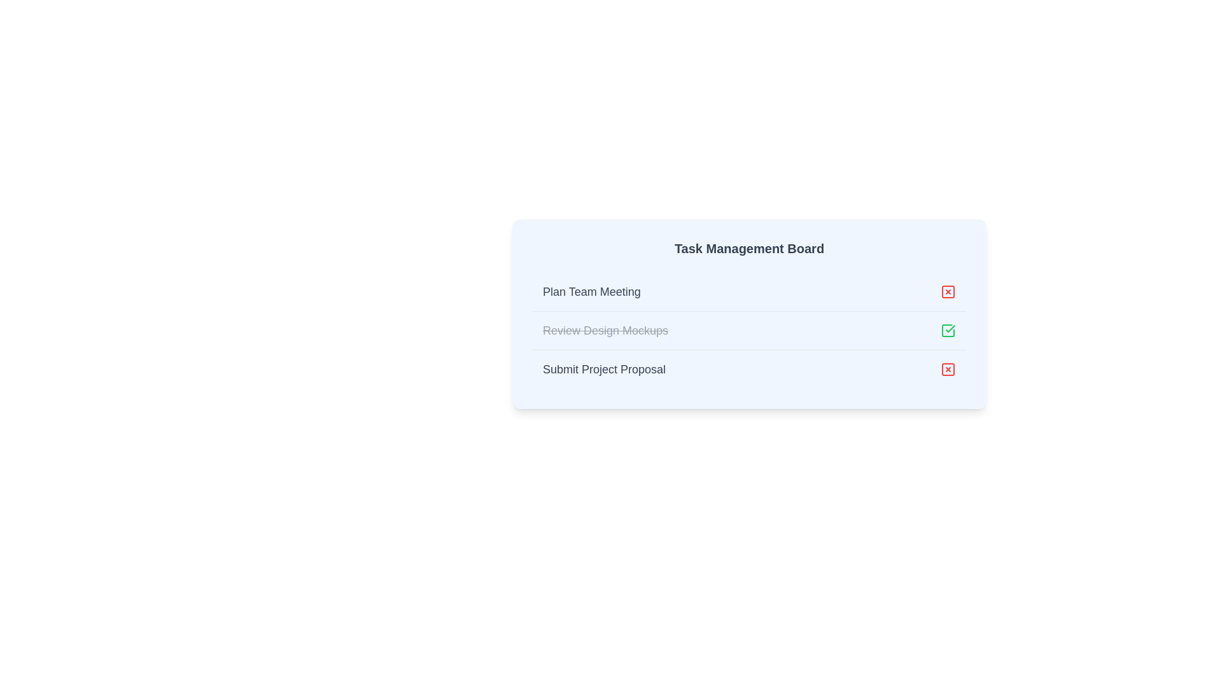 Image resolution: width=1222 pixels, height=687 pixels. I want to click on the completed task item 'Review Design Mockups' with a green checkmark, so click(749, 330).